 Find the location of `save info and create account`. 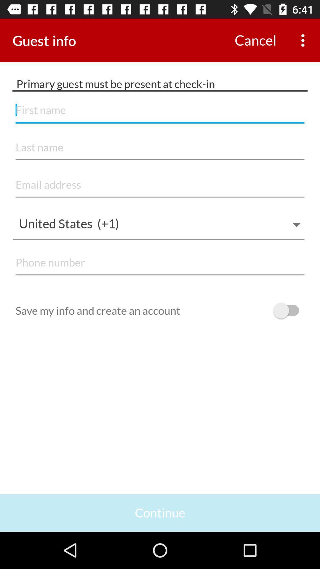

save info and create account is located at coordinates (289, 310).